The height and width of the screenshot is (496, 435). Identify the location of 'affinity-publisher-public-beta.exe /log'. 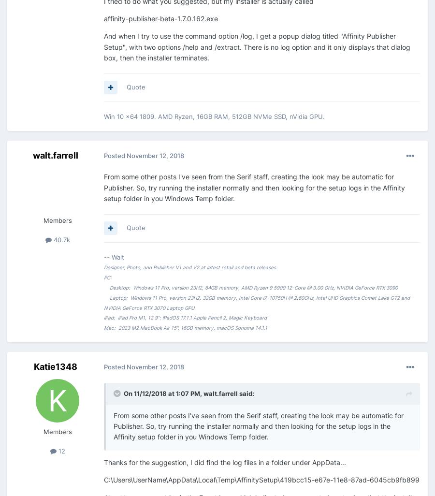
(177, 24).